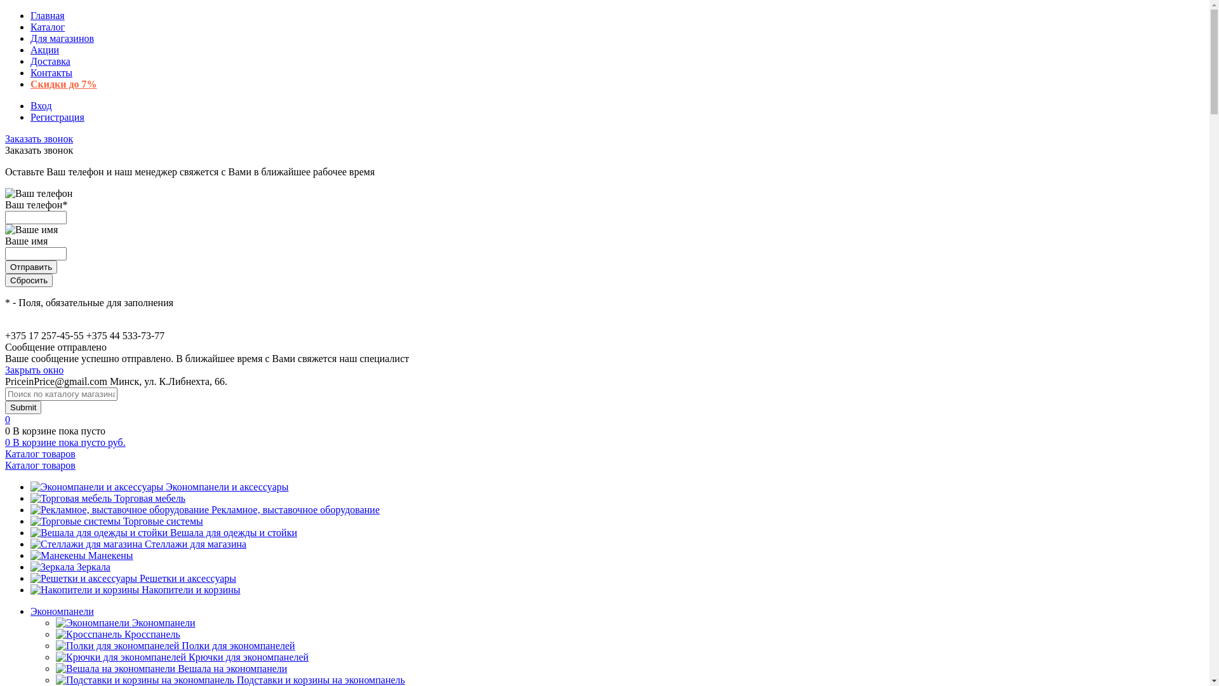 This screenshot has width=1219, height=686. What do you see at coordinates (9, 441) in the screenshot?
I see `'0'` at bounding box center [9, 441].